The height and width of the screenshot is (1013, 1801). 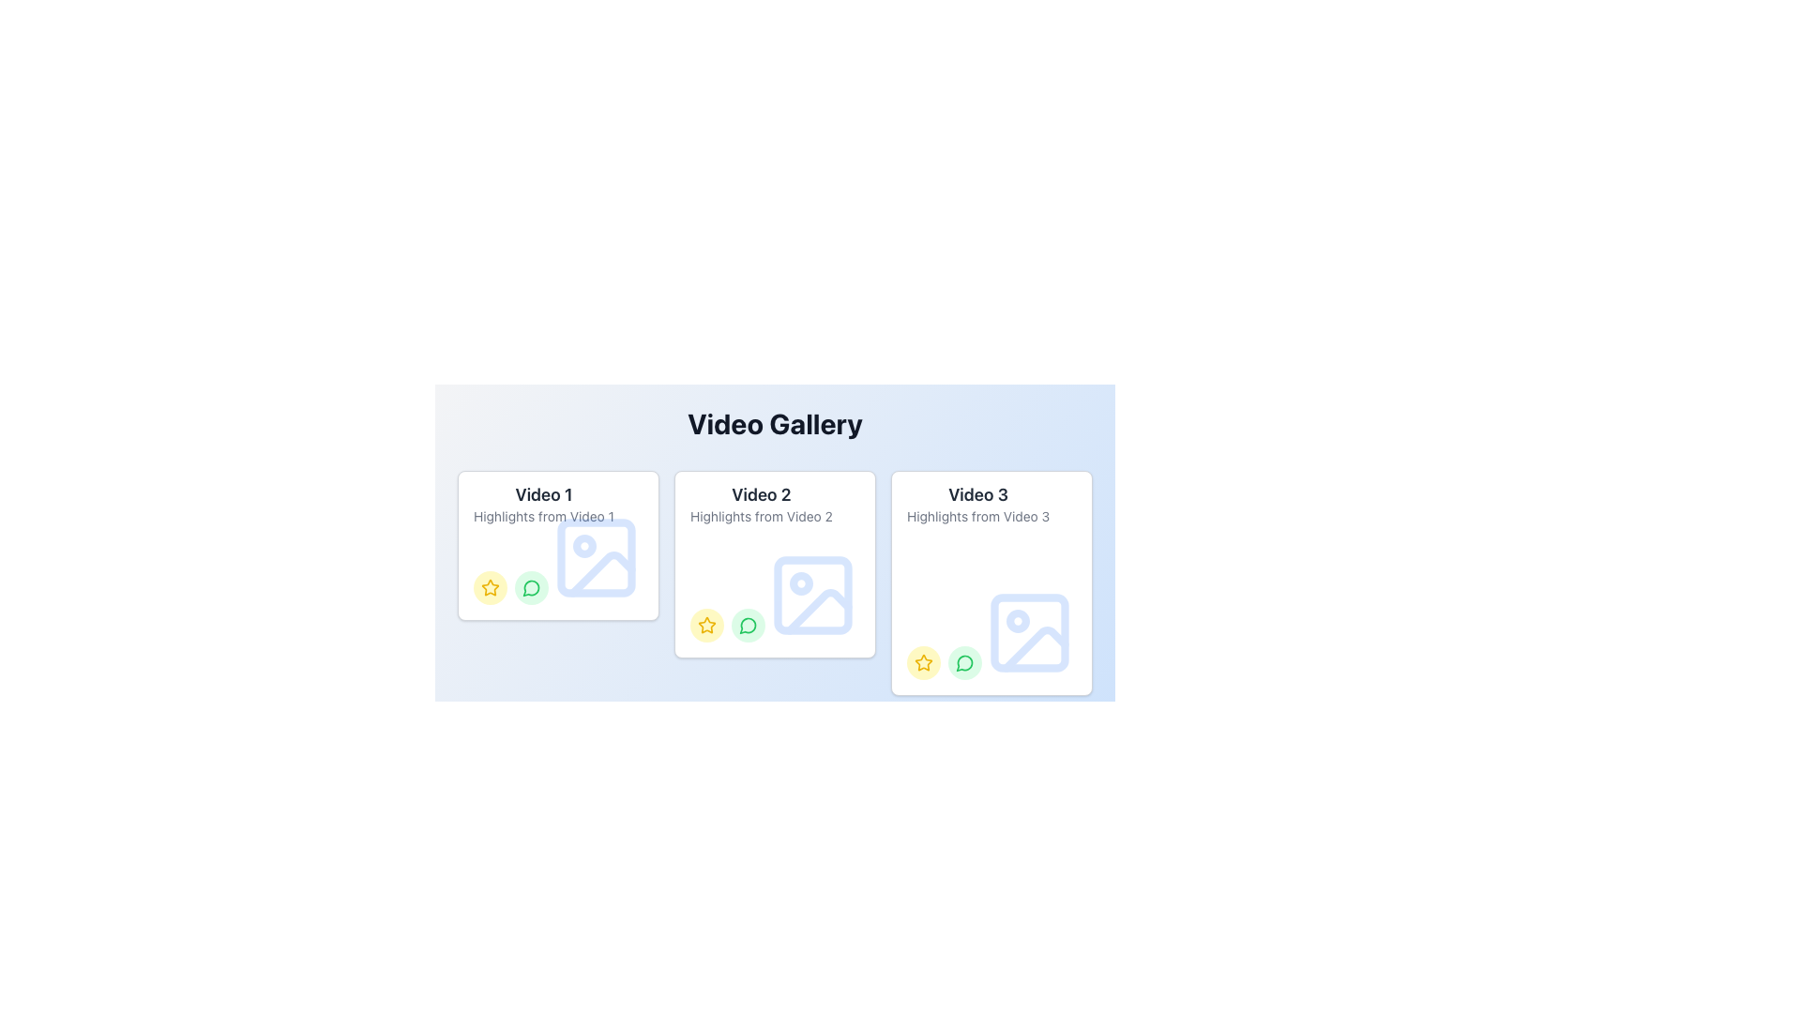 What do you see at coordinates (1029, 633) in the screenshot?
I see `the SVG rectangle element that represents the image placeholder in the third video card of the 'Video Gallery' section` at bounding box center [1029, 633].